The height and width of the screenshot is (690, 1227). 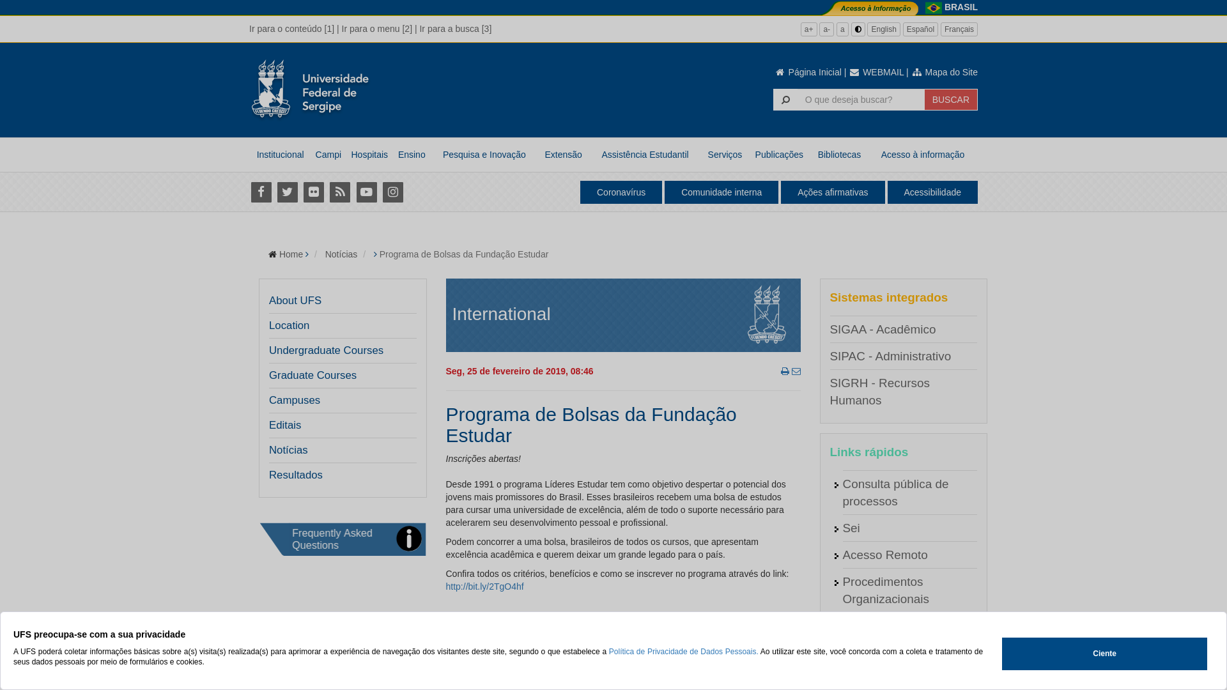 What do you see at coordinates (340, 192) in the screenshot?
I see `'RSS'` at bounding box center [340, 192].